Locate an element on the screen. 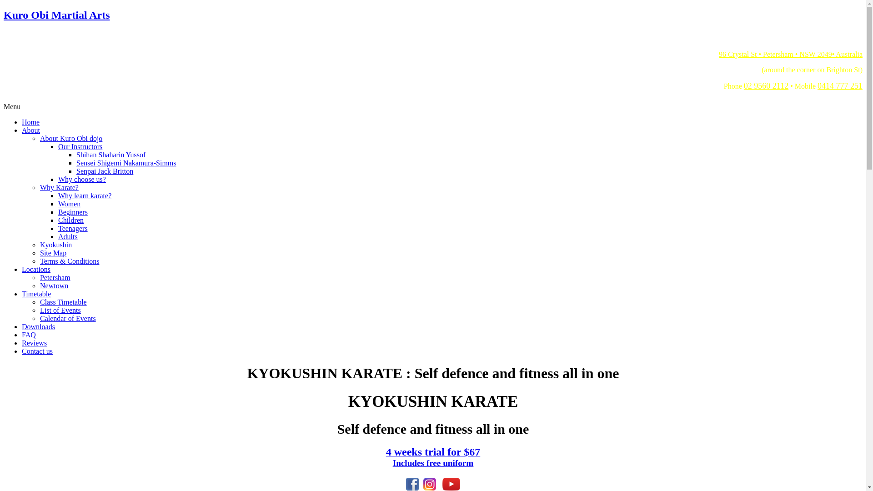 The height and width of the screenshot is (491, 873). 'List of Events' is located at coordinates (60, 310).